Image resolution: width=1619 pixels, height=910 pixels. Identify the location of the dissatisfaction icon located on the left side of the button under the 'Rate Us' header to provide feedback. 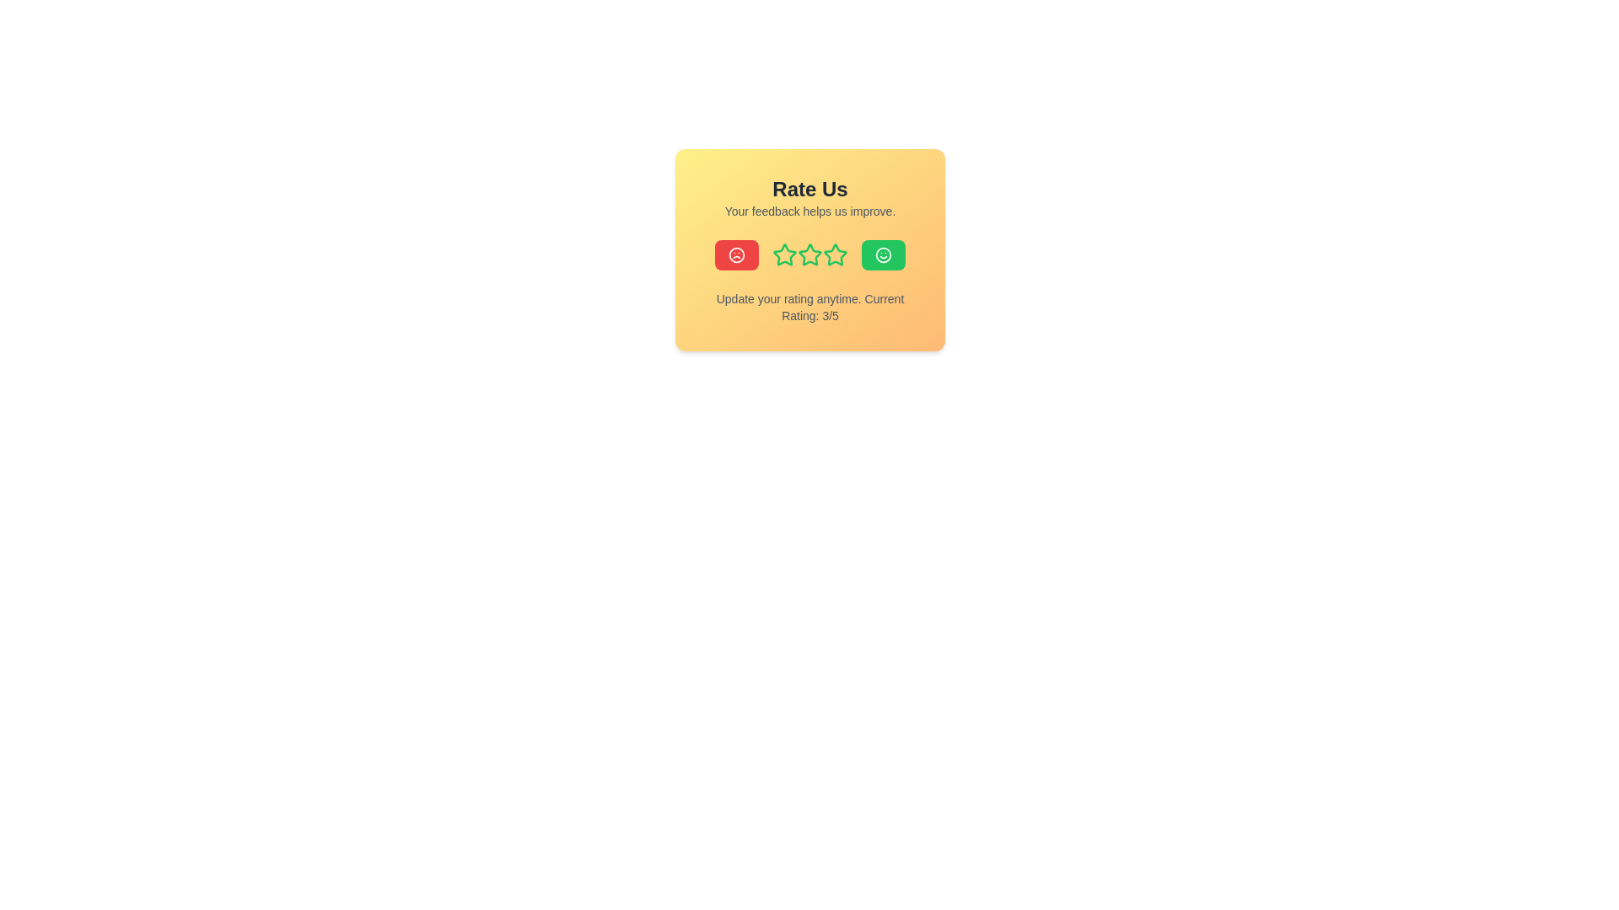
(736, 255).